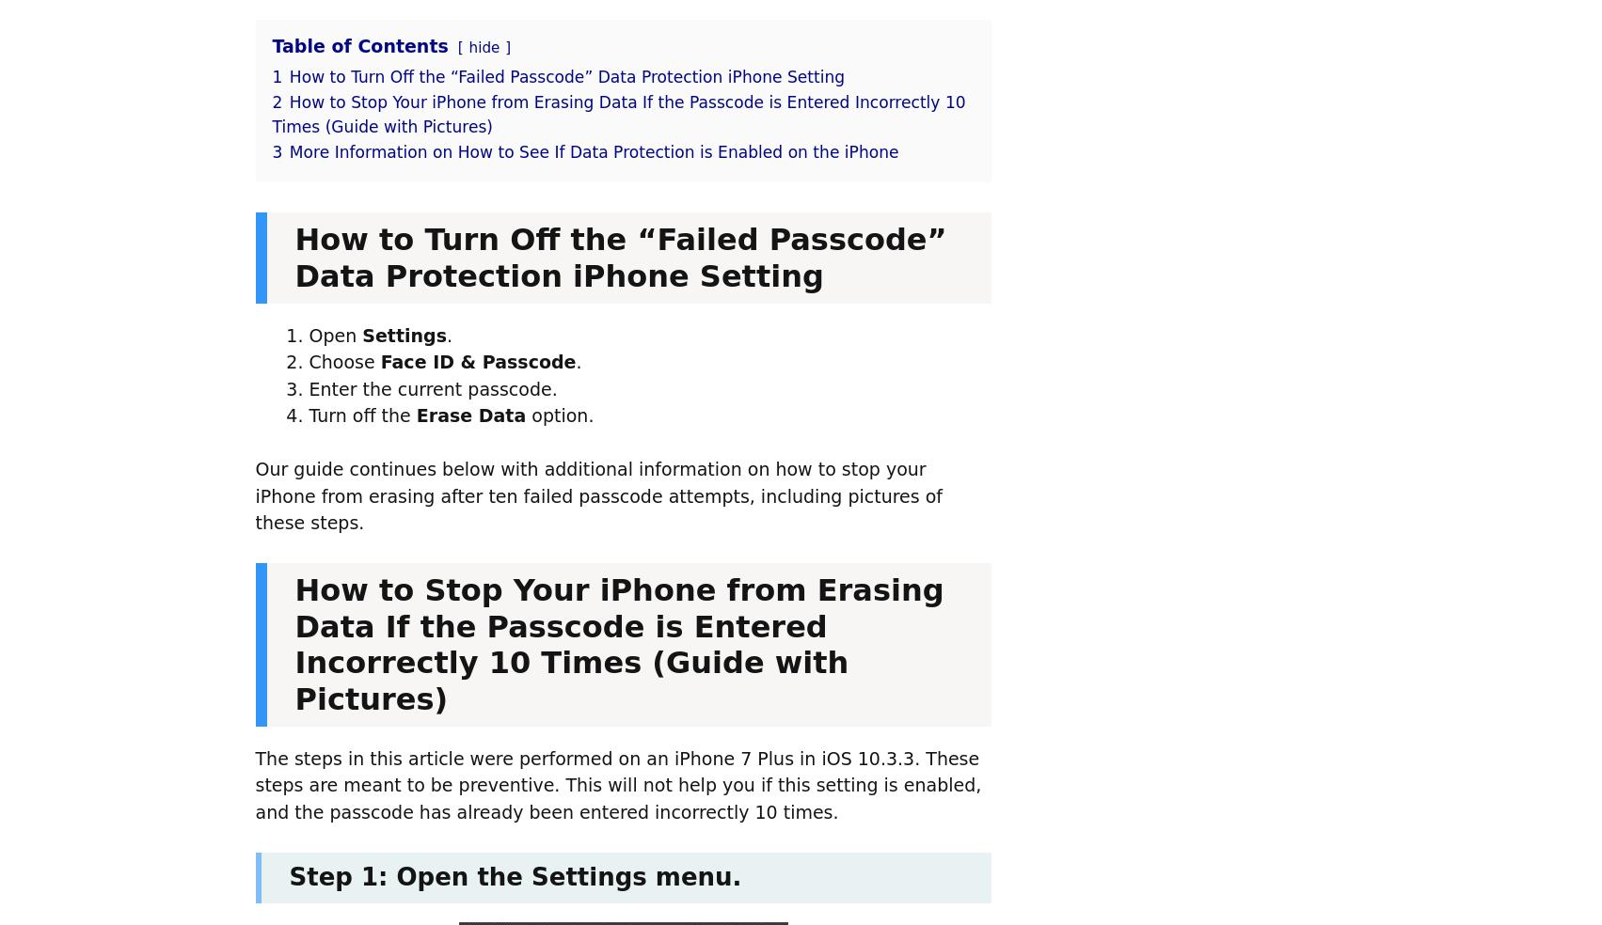 The height and width of the screenshot is (925, 1602). I want to click on 'option.', so click(524, 415).